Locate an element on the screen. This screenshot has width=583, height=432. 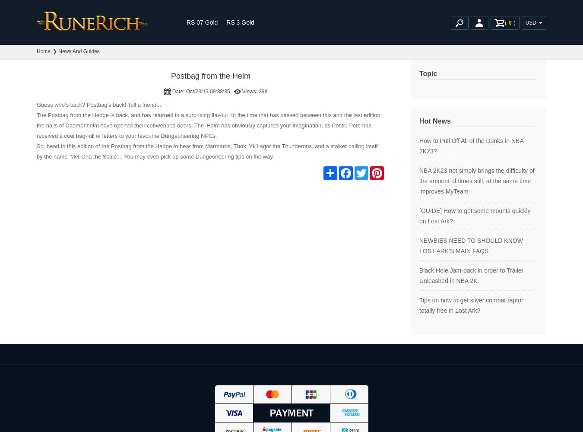
'Tips on how to get silver combat raptor totally free in Lost Ark?' is located at coordinates (419, 305).